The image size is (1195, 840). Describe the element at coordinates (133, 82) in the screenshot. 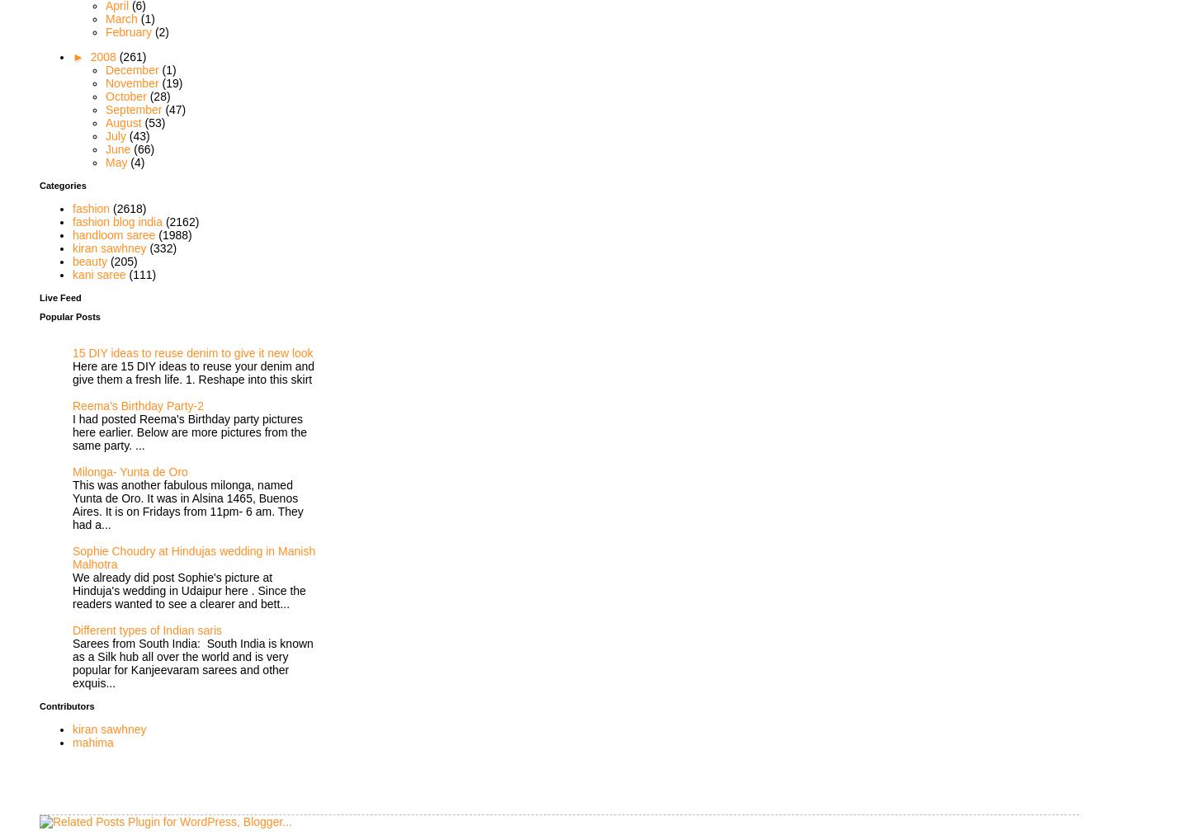

I see `'November'` at that location.